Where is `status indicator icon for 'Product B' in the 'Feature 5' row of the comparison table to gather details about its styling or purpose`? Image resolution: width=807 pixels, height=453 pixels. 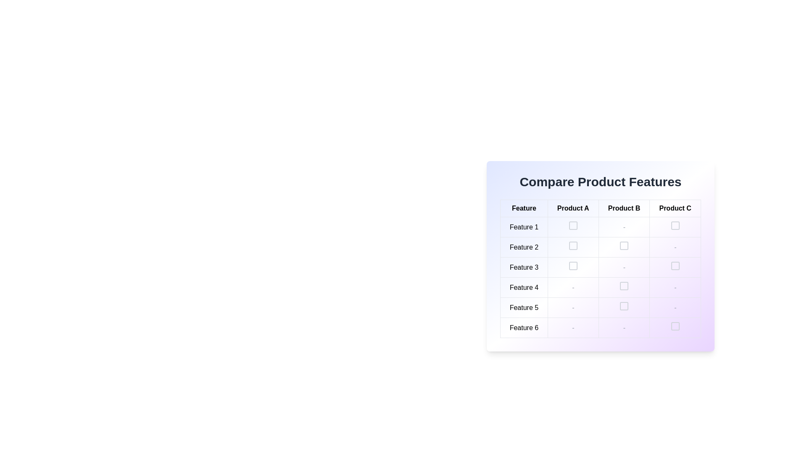
status indicator icon for 'Product B' in the 'Feature 5' row of the comparison table to gather details about its styling or purpose is located at coordinates (624, 306).